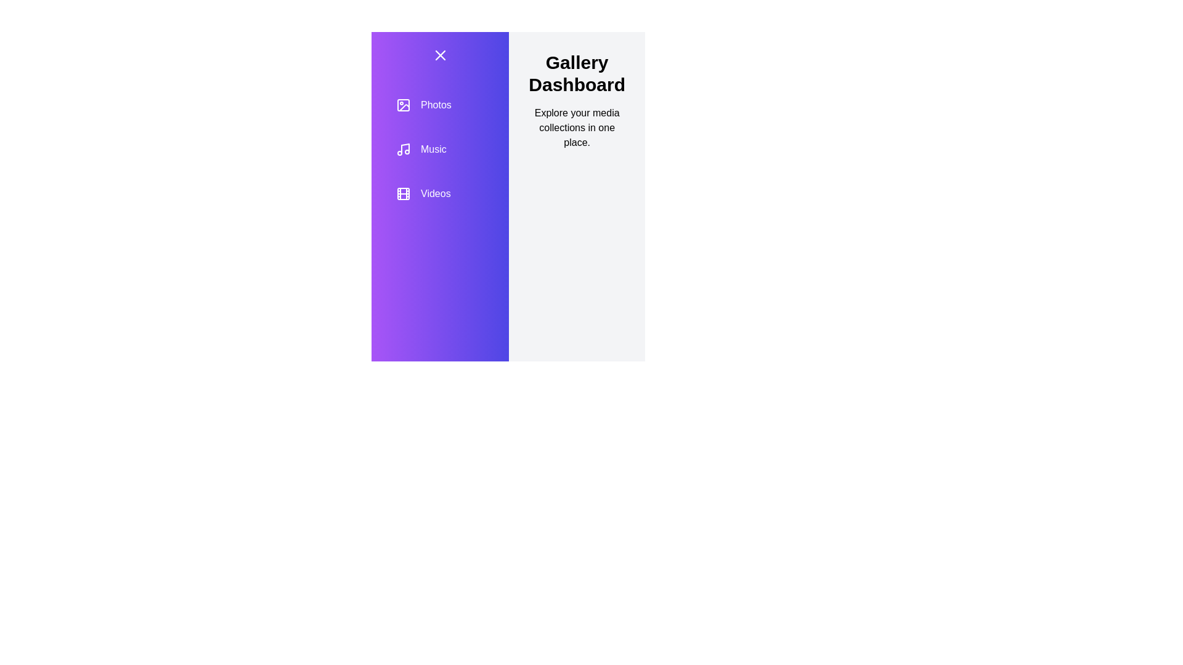  Describe the element at coordinates (440, 104) in the screenshot. I see `the category Photos from the list` at that location.